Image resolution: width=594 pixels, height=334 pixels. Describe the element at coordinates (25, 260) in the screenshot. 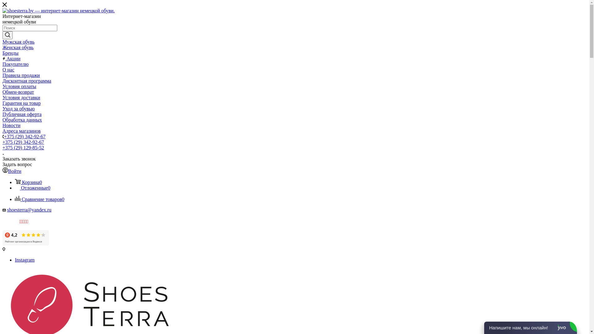

I see `'Instagram'` at that location.